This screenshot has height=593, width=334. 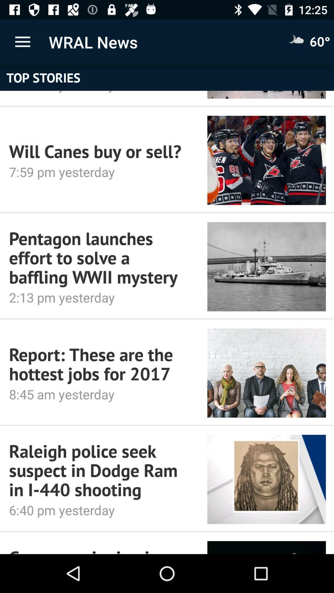 What do you see at coordinates (99, 258) in the screenshot?
I see `pentagon launches effort icon` at bounding box center [99, 258].